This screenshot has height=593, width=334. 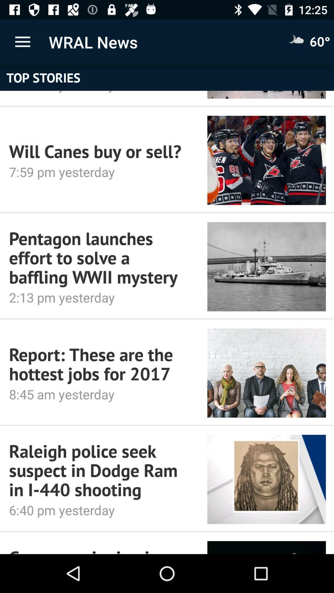 What do you see at coordinates (99, 258) in the screenshot?
I see `pentagon launches effort icon` at bounding box center [99, 258].